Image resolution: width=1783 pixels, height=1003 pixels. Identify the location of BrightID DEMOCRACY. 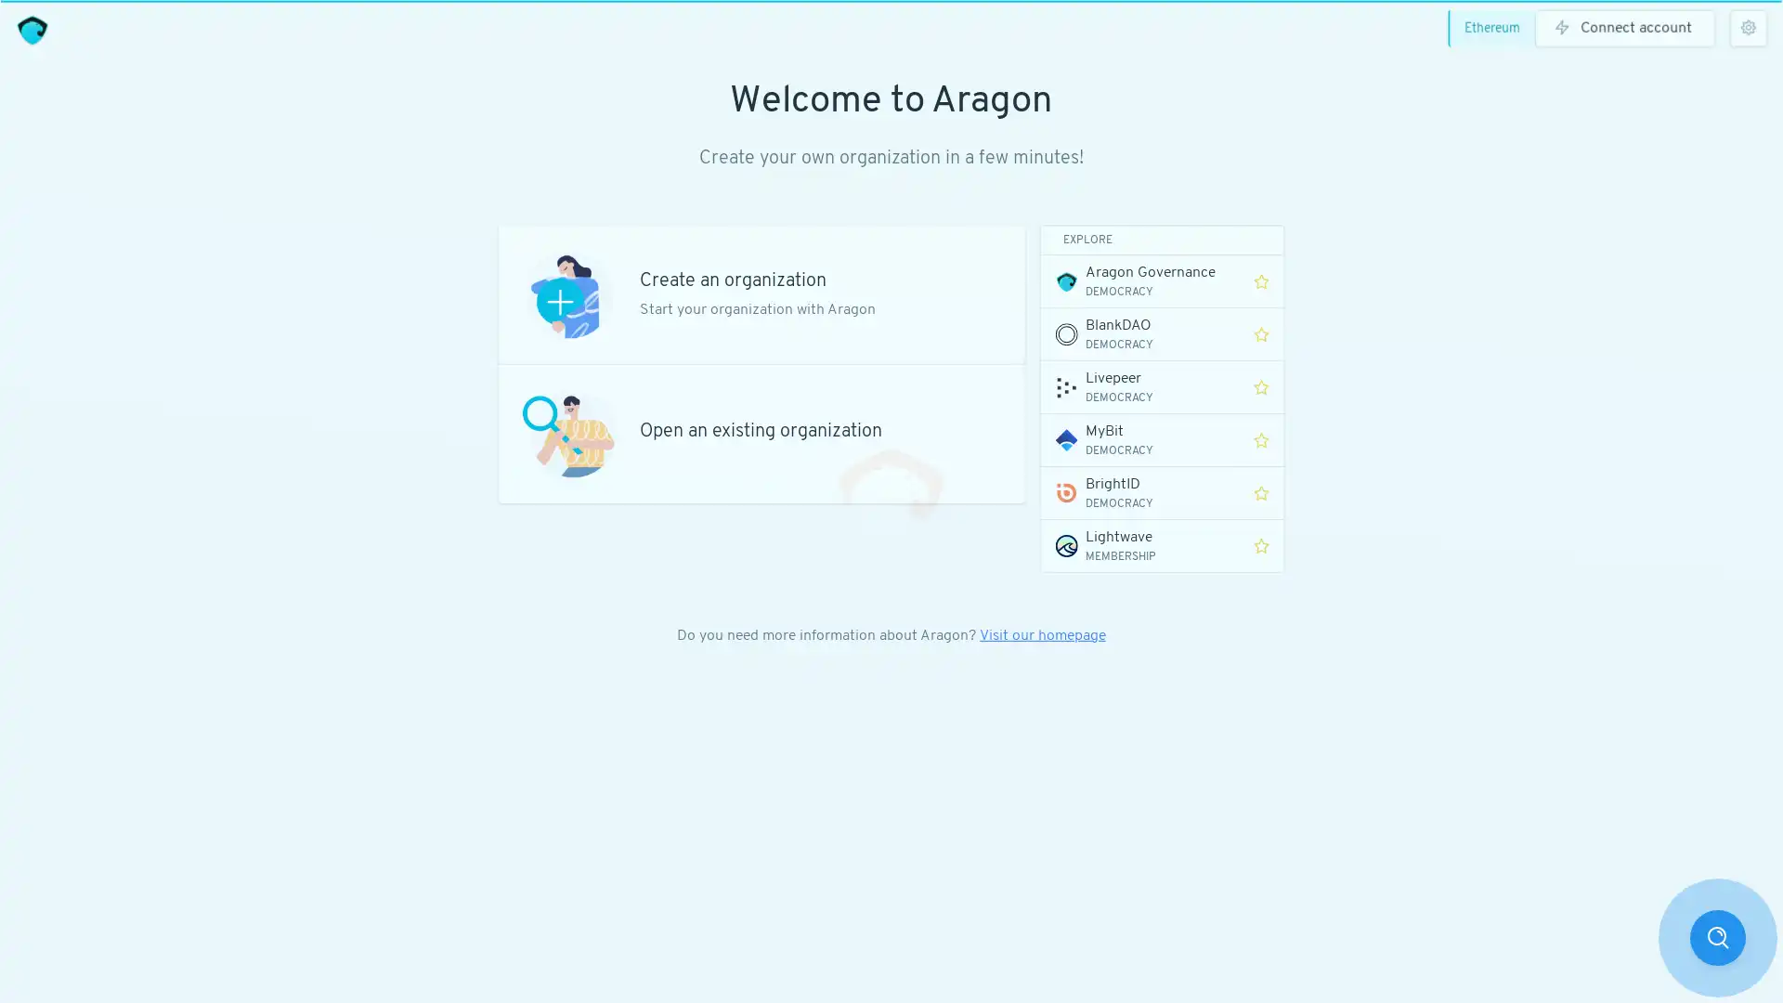
(1139, 492).